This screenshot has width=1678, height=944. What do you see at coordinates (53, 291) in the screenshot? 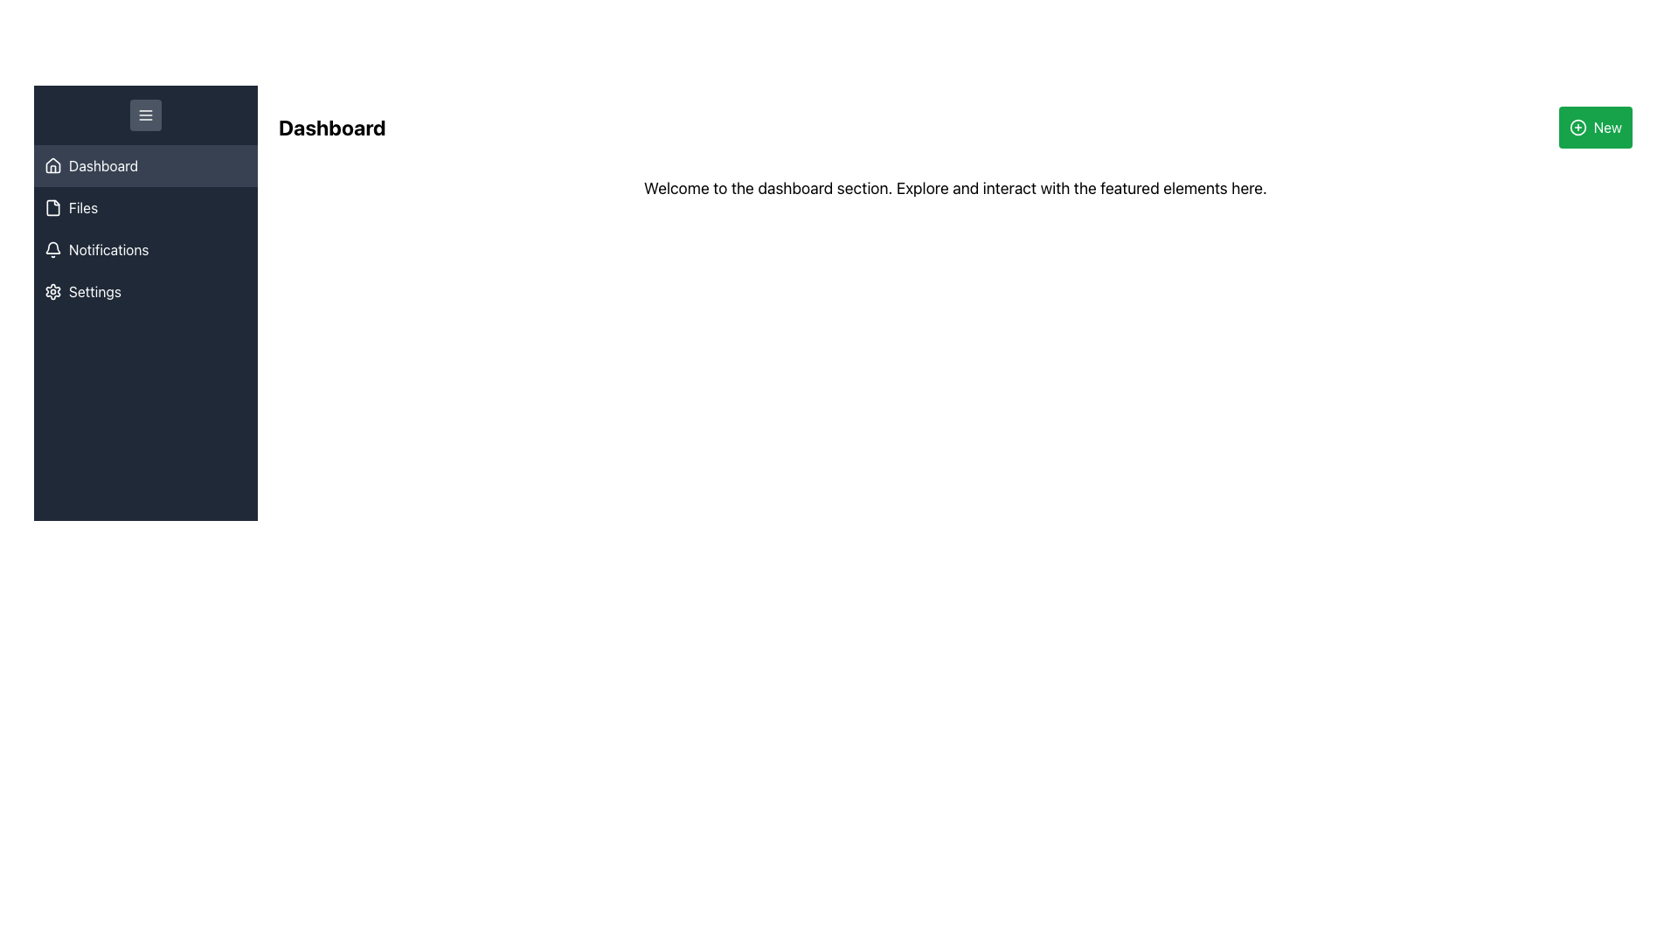
I see `the 'Settings' icon in the vertical navigation bar to recognize the associated menu option` at bounding box center [53, 291].